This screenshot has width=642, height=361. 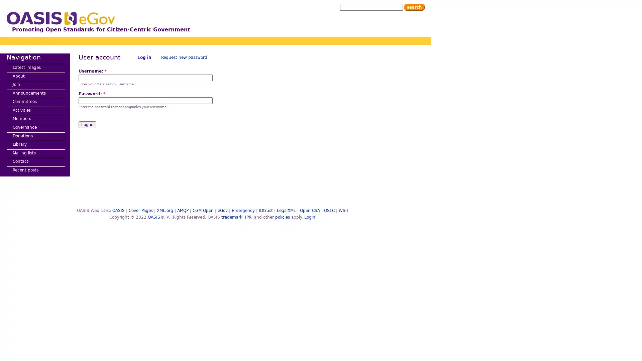 What do you see at coordinates (414, 7) in the screenshot?
I see `Search` at bounding box center [414, 7].